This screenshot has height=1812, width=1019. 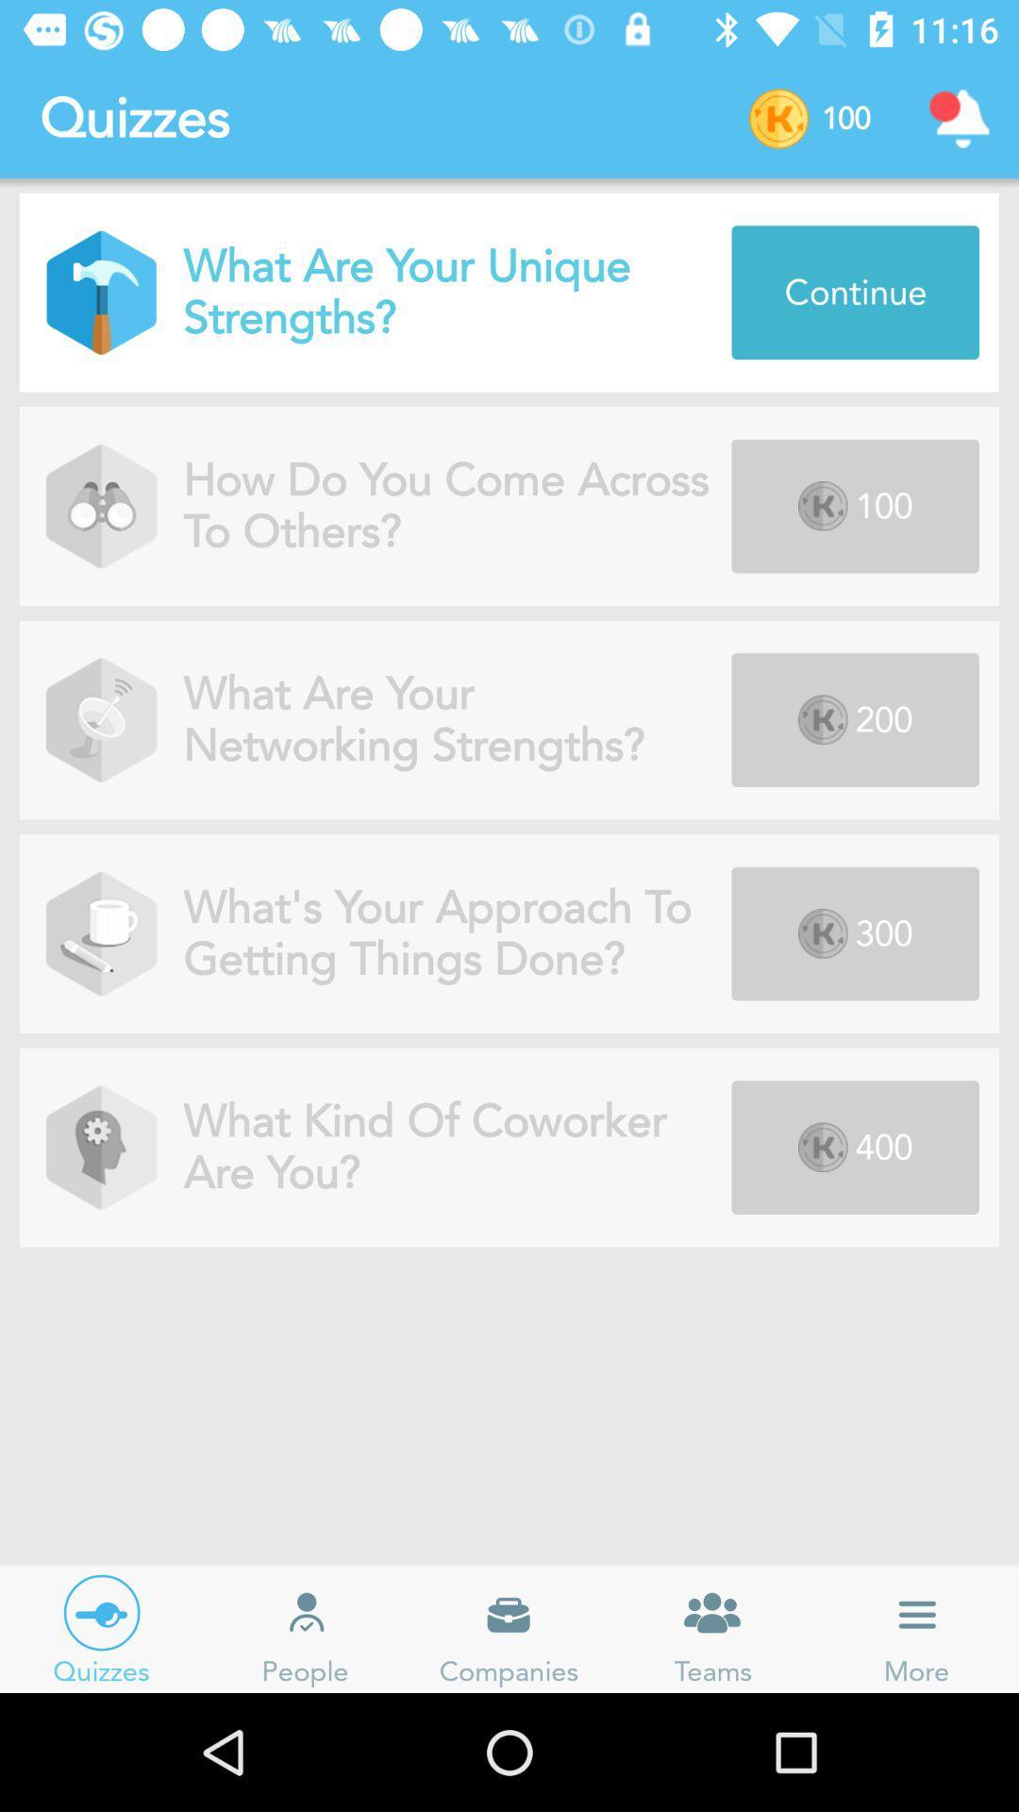 What do you see at coordinates (855, 292) in the screenshot?
I see `the blue button which is on the right side of the page` at bounding box center [855, 292].